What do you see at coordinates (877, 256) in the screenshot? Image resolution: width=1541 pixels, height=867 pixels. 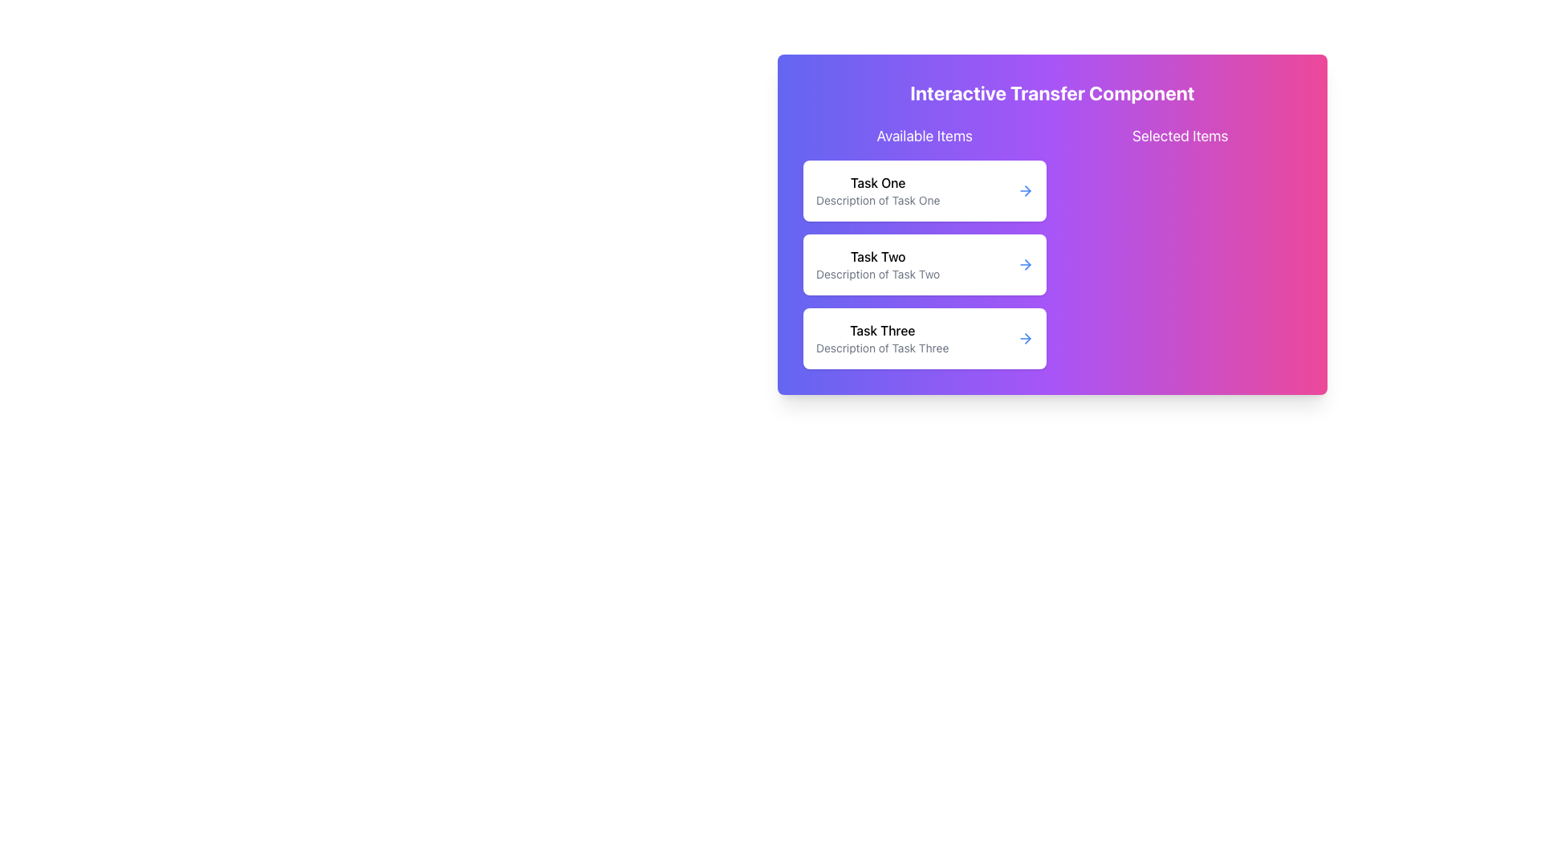 I see `the text label 'Task Two', which identifies the second task in the 'Available Items' section` at bounding box center [877, 256].